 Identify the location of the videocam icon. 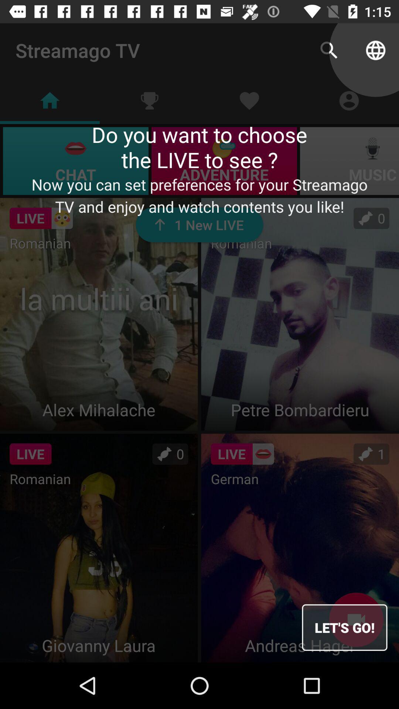
(356, 620).